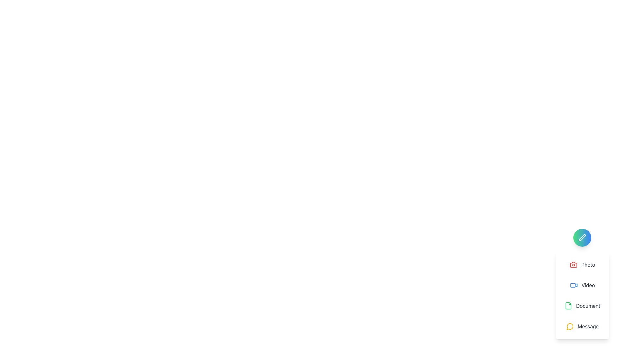 Image resolution: width=617 pixels, height=347 pixels. Describe the element at coordinates (582, 326) in the screenshot. I see `the 'Message' button, which features a yellow outlined chat bubble icon on the left and dark gray text on the right, located fourth in the vertically stacked menu` at that location.